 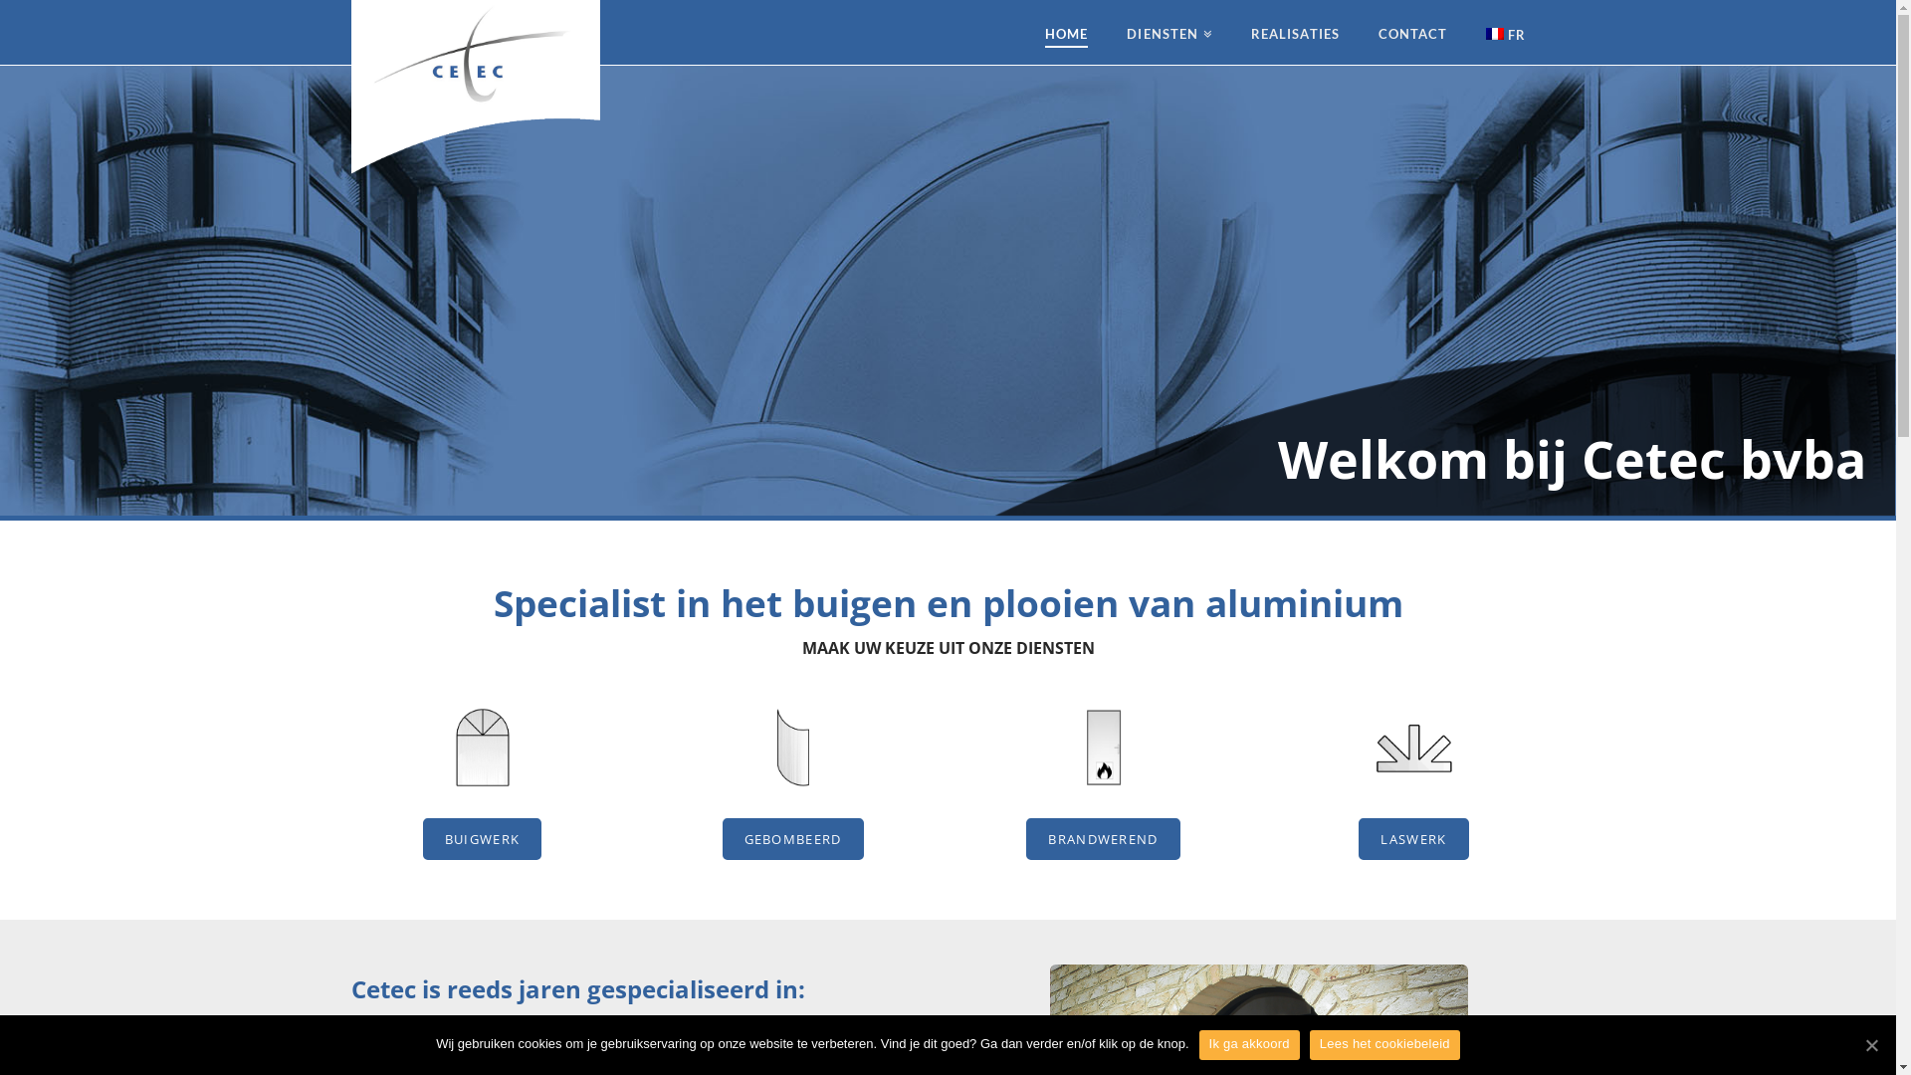 What do you see at coordinates (1411, 32) in the screenshot?
I see `'CONTACT'` at bounding box center [1411, 32].